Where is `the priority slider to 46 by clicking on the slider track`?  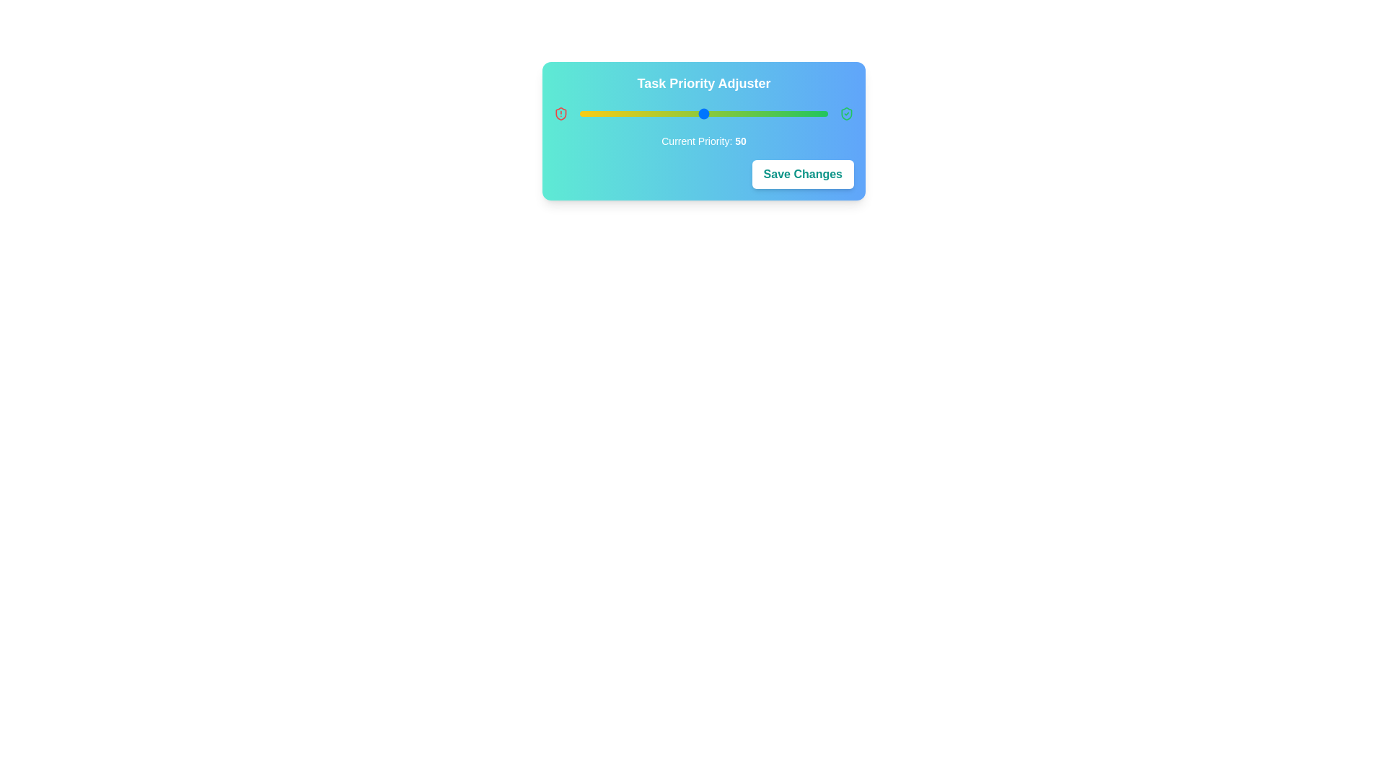 the priority slider to 46 by clicking on the slider track is located at coordinates (694, 113).